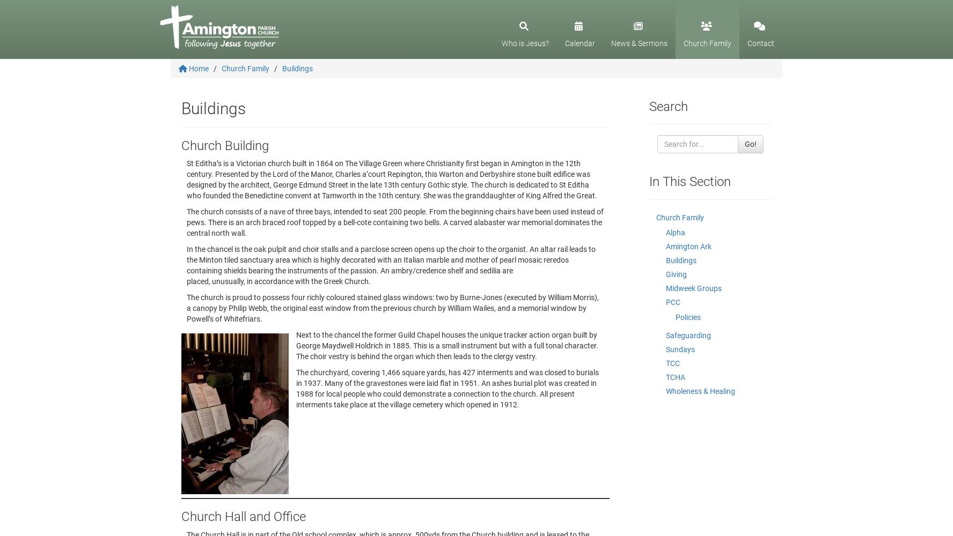 This screenshot has width=953, height=536. I want to click on 'Contact', so click(760, 42).